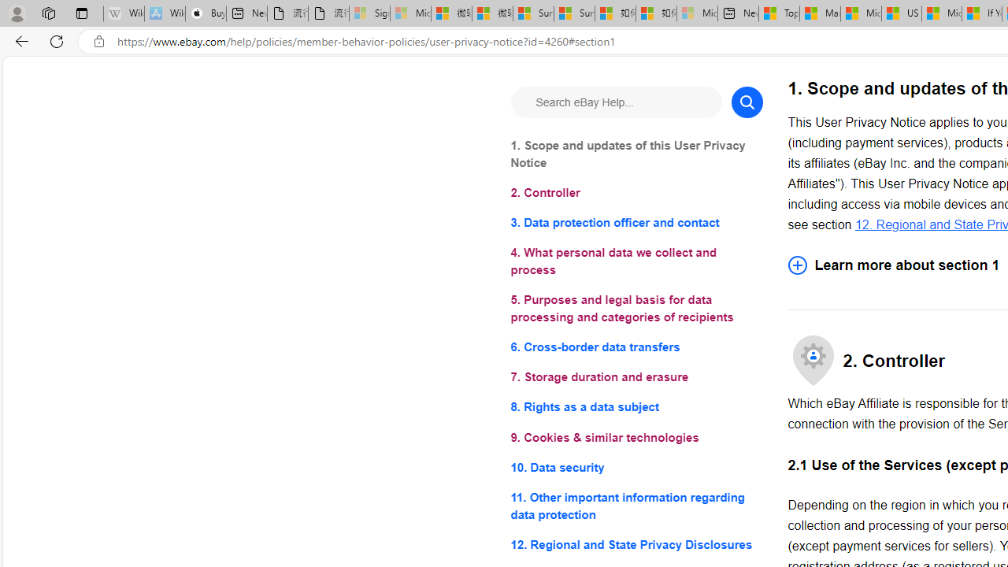 Image resolution: width=1008 pixels, height=567 pixels. Describe the element at coordinates (636, 261) in the screenshot. I see `'4. What personal data we collect and process'` at that location.